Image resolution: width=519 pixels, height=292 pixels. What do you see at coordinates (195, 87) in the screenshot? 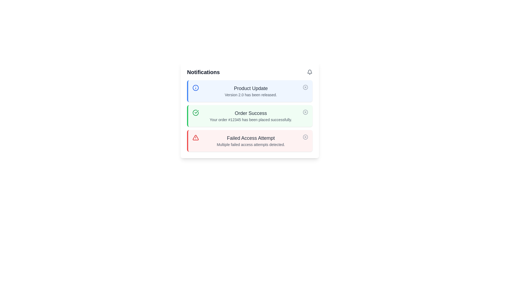
I see `the notification type represented by the icon located in the first notification card, to the left of the text 'Product Update'` at bounding box center [195, 87].